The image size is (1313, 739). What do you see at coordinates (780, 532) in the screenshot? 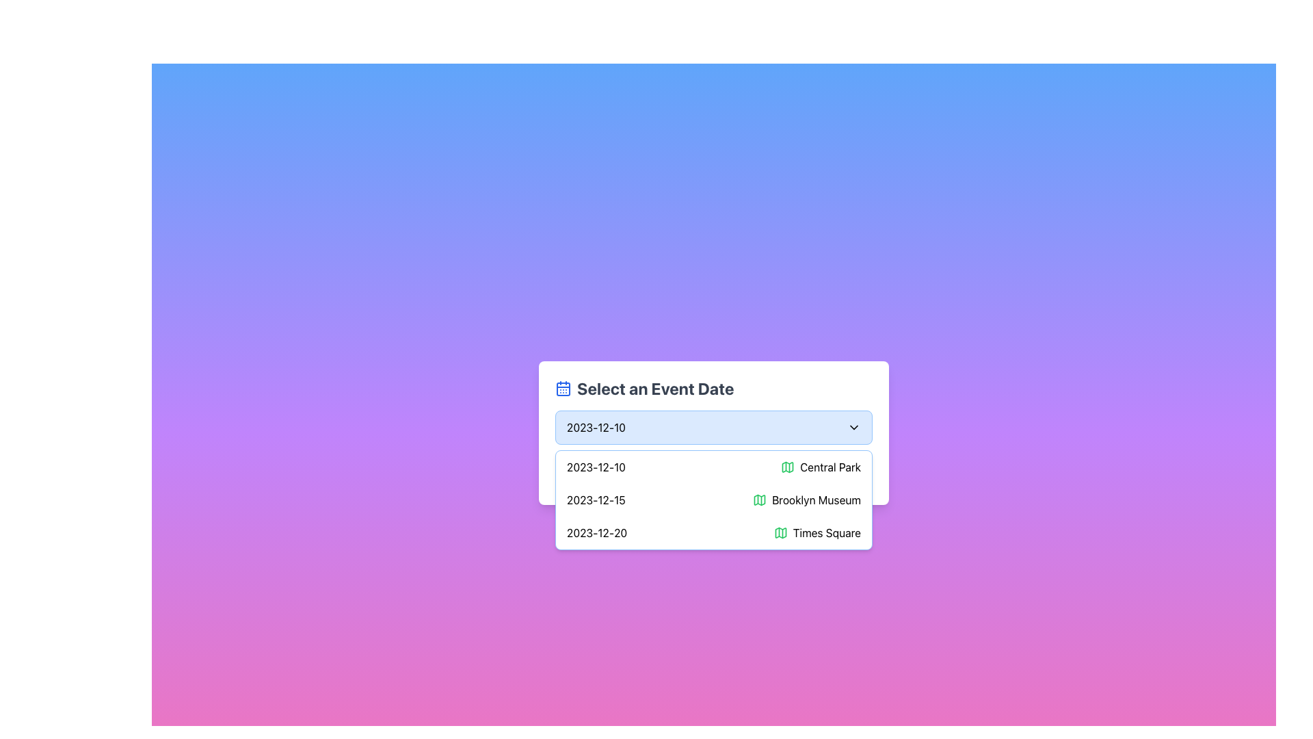
I see `the green map-shaped icon located to the left of the text 'Times Square' in the third row of the list below the 'Select an Event Date' dropdown` at bounding box center [780, 532].